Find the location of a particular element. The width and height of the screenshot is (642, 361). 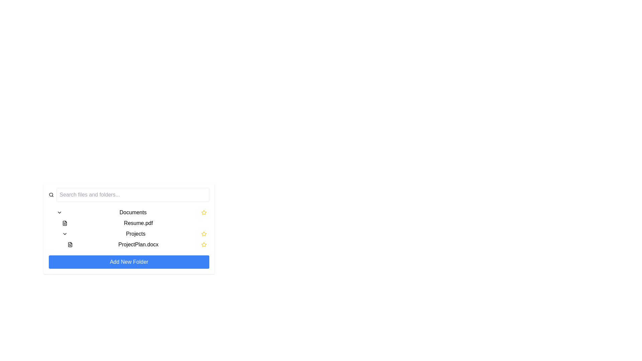

the file list item labeled 'ProjectPlan.docx' is located at coordinates (136, 245).